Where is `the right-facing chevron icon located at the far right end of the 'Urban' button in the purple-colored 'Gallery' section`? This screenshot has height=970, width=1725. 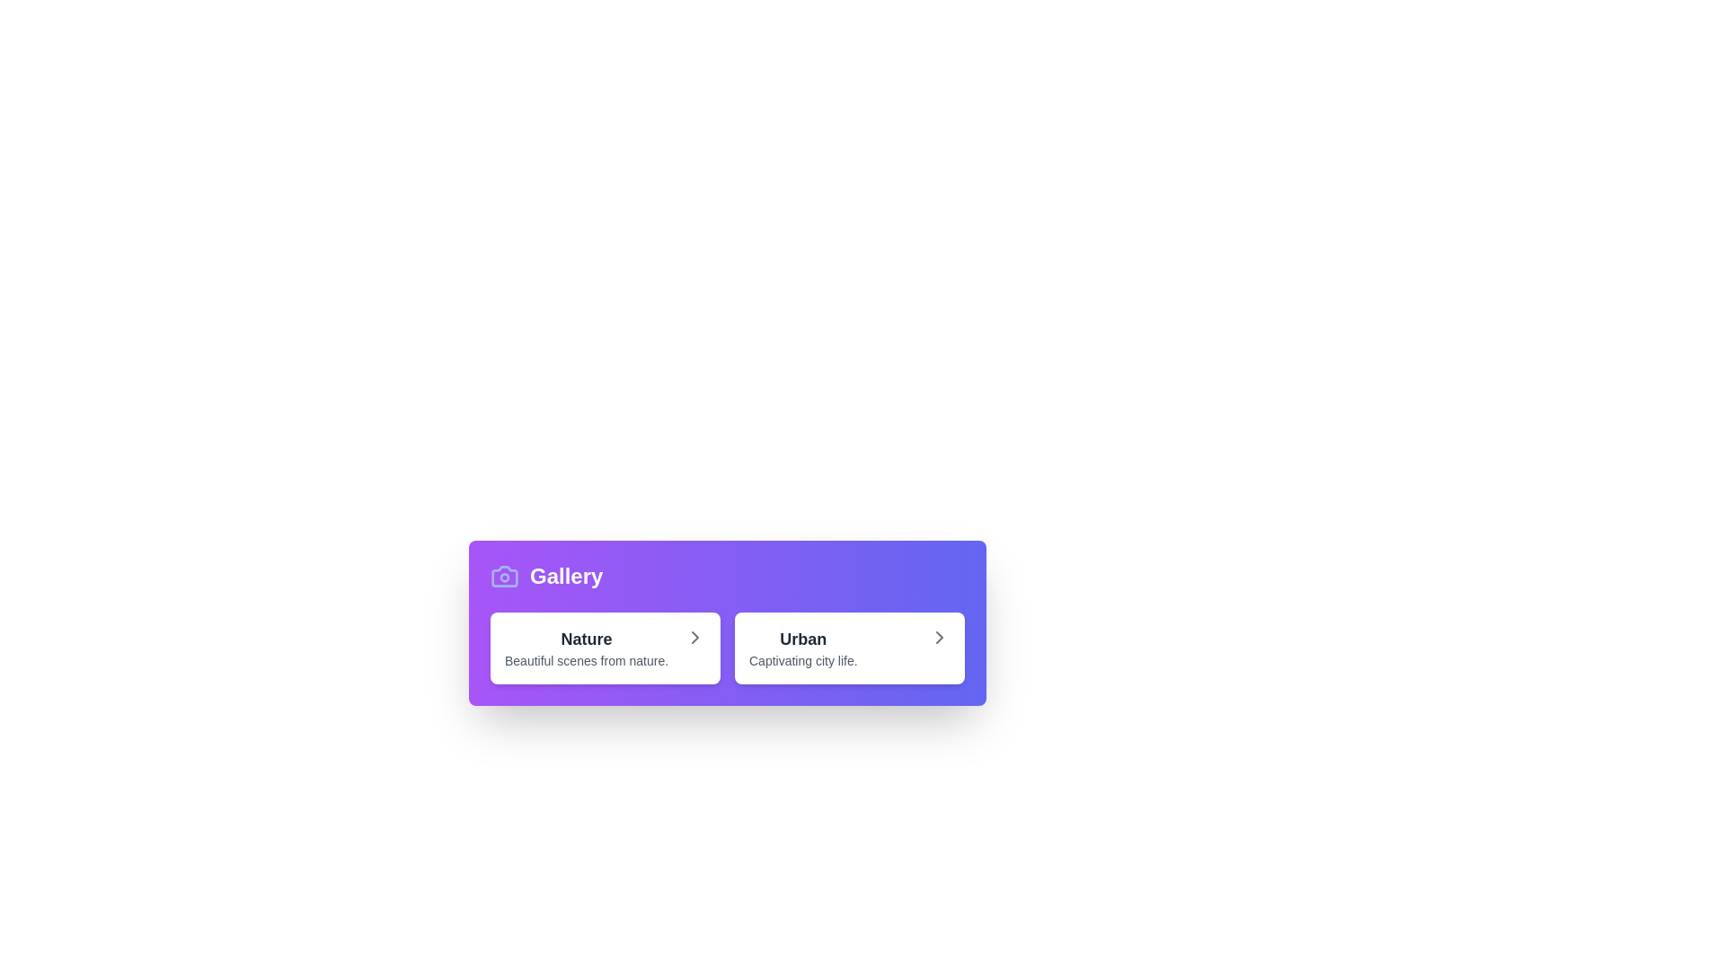
the right-facing chevron icon located at the far right end of the 'Urban' button in the purple-colored 'Gallery' section is located at coordinates (939, 636).